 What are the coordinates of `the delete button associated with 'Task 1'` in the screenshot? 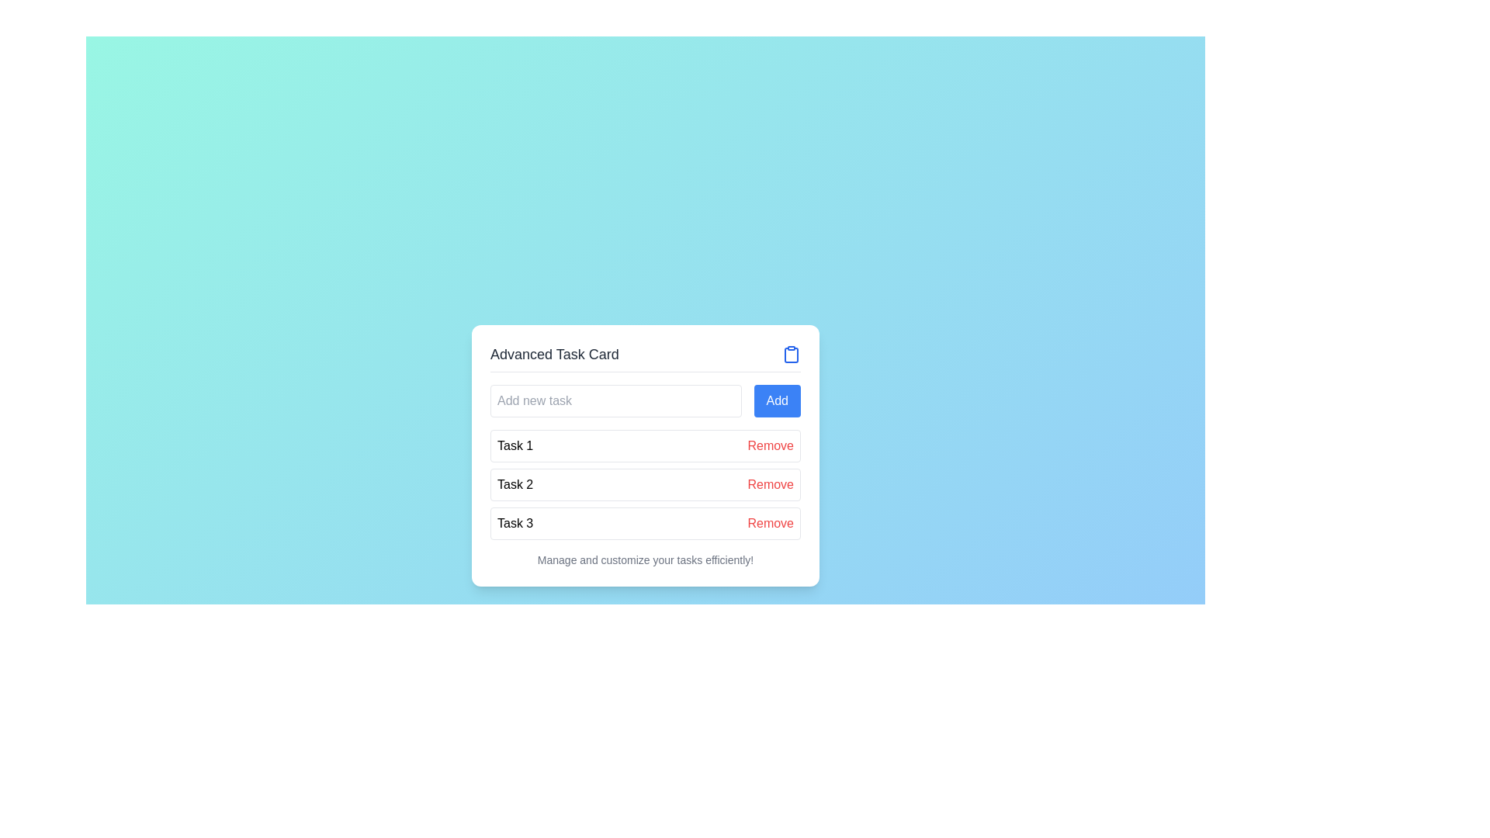 It's located at (771, 445).